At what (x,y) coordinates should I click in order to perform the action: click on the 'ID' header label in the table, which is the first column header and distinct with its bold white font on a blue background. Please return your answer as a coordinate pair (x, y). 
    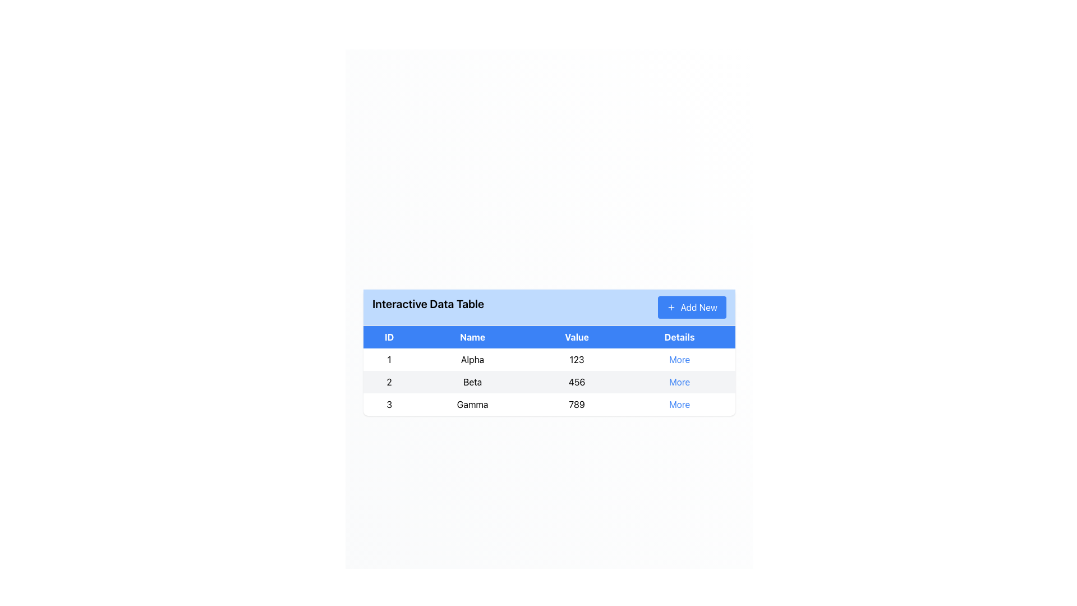
    Looking at the image, I should click on (389, 336).